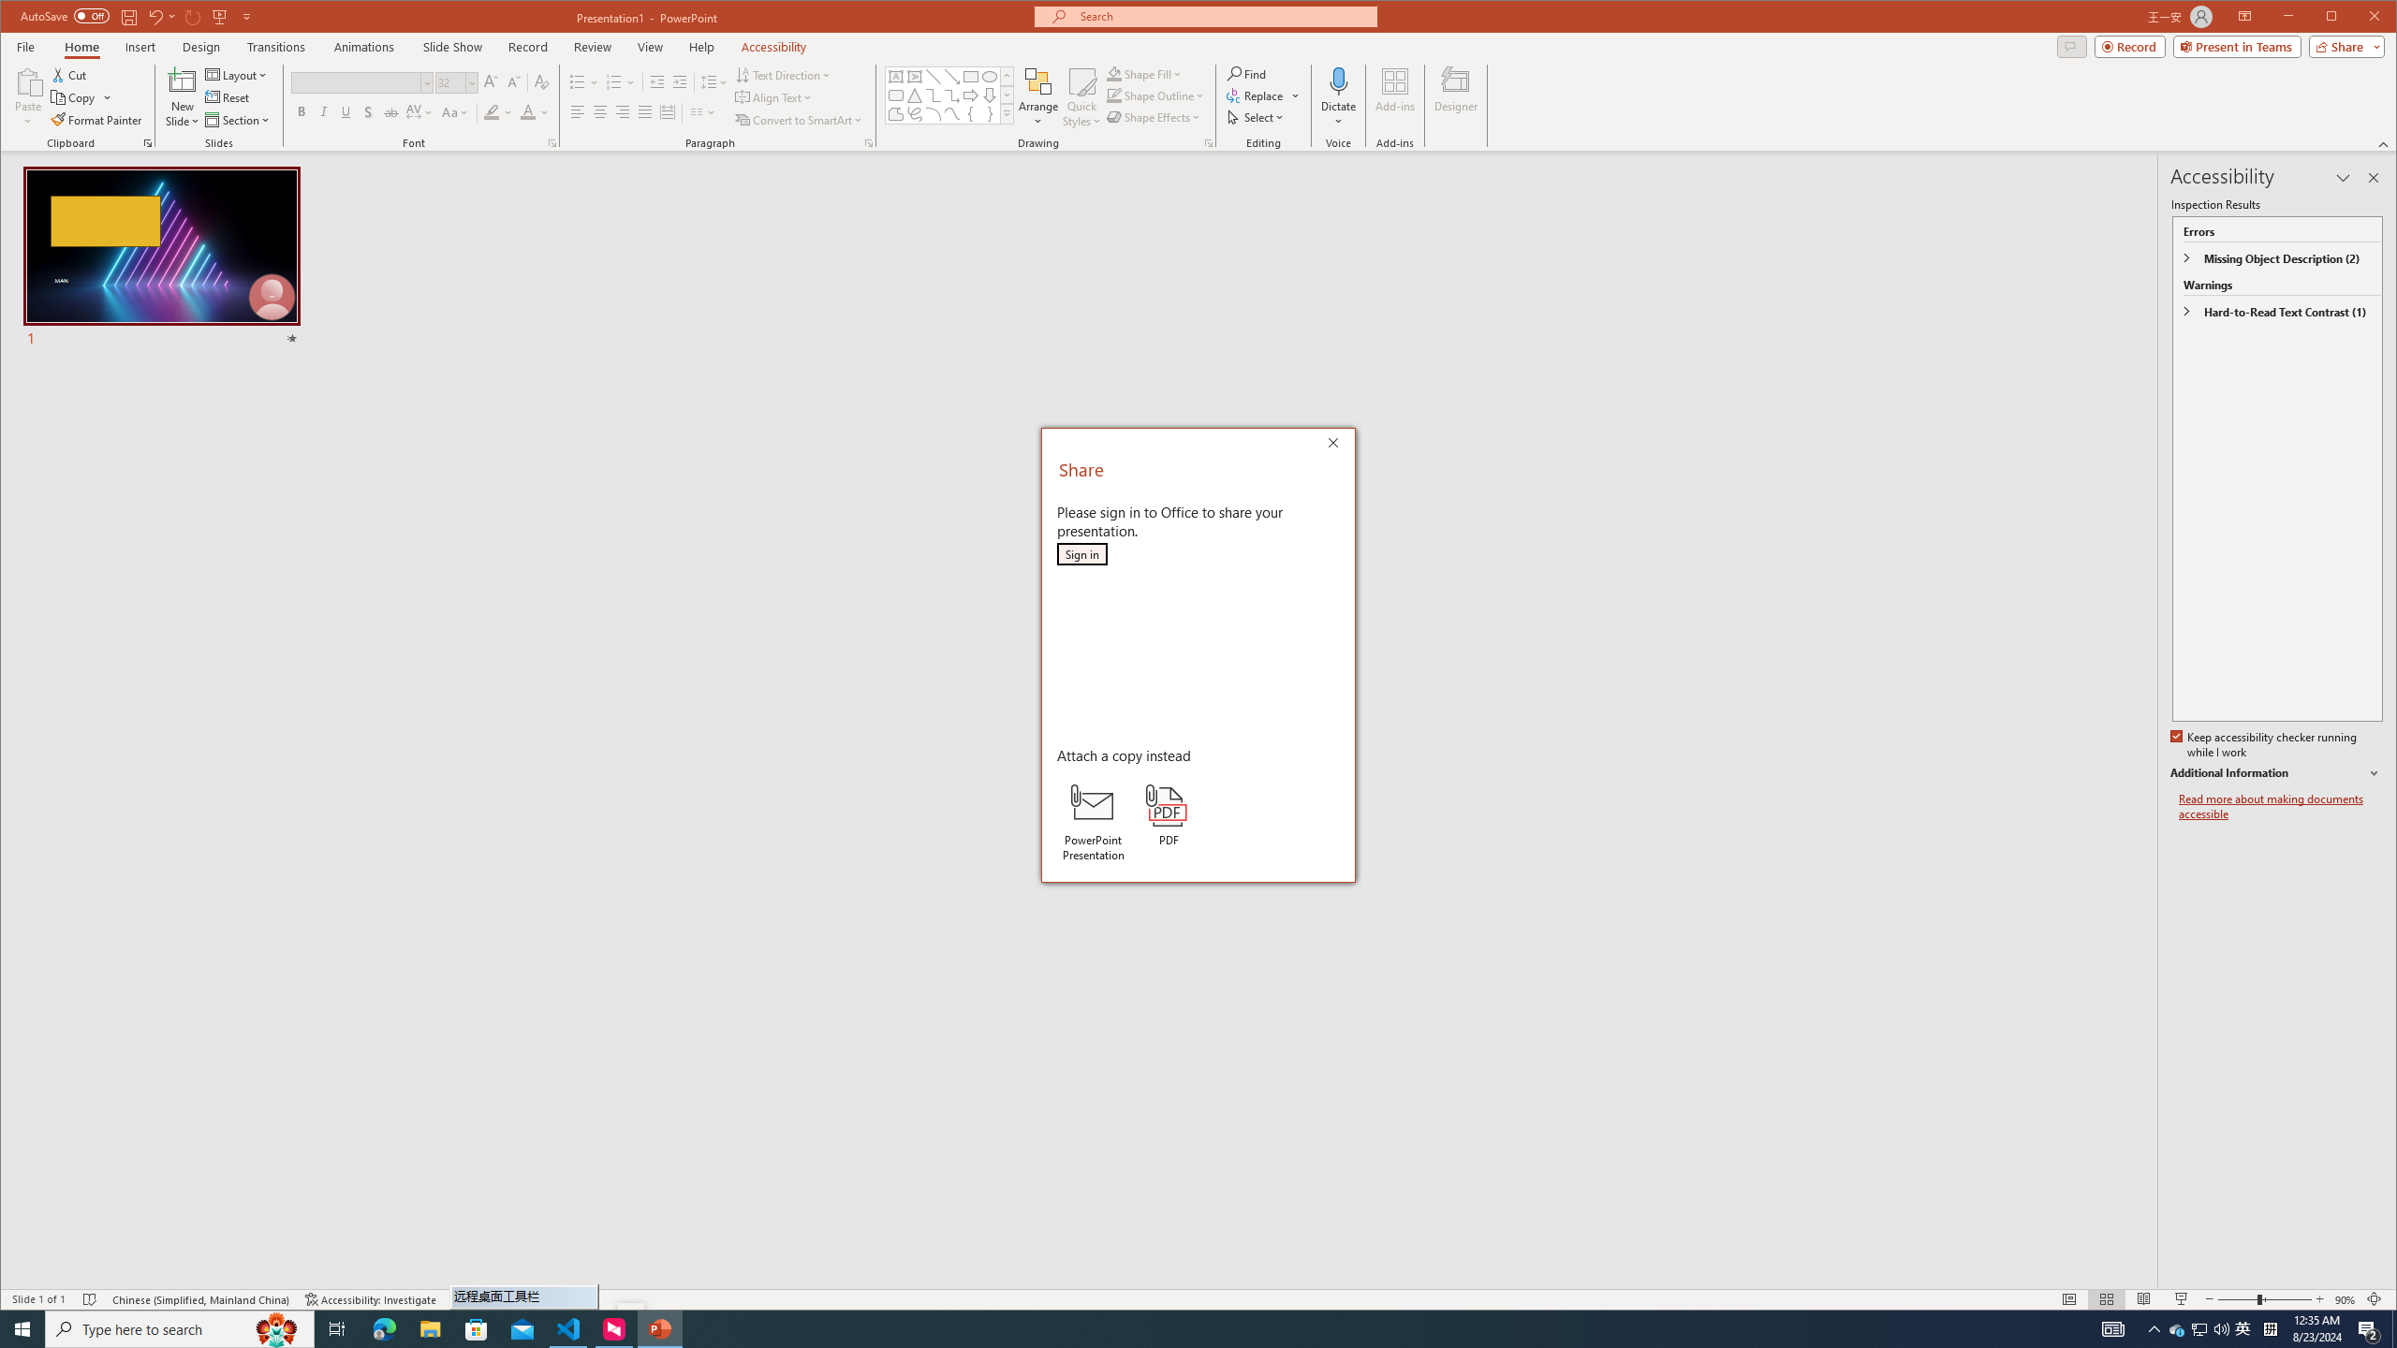 Image resolution: width=2397 pixels, height=1348 pixels. Describe the element at coordinates (950, 94) in the screenshot. I see `'AutomationID: ShapesInsertGallery'` at that location.